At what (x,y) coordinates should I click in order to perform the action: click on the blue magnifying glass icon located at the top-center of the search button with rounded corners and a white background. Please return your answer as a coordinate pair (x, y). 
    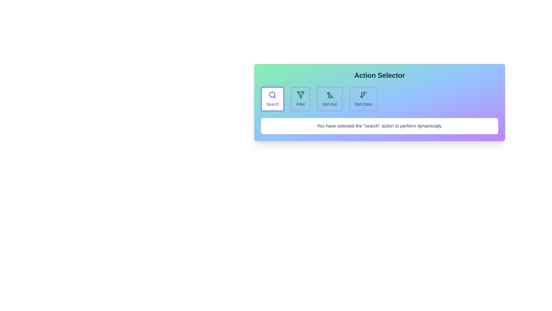
    Looking at the image, I should click on (272, 95).